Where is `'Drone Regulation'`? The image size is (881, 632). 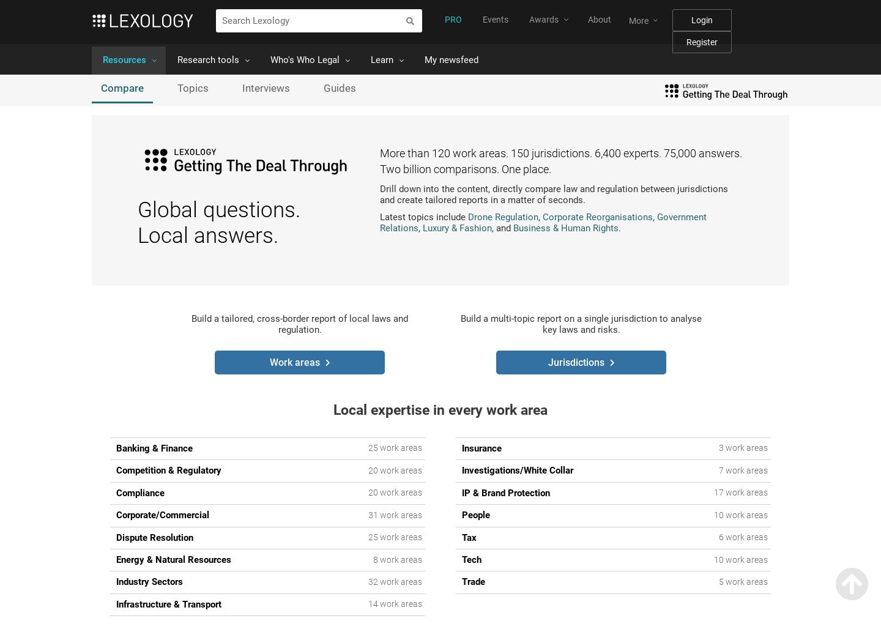
'Drone Regulation' is located at coordinates (467, 217).